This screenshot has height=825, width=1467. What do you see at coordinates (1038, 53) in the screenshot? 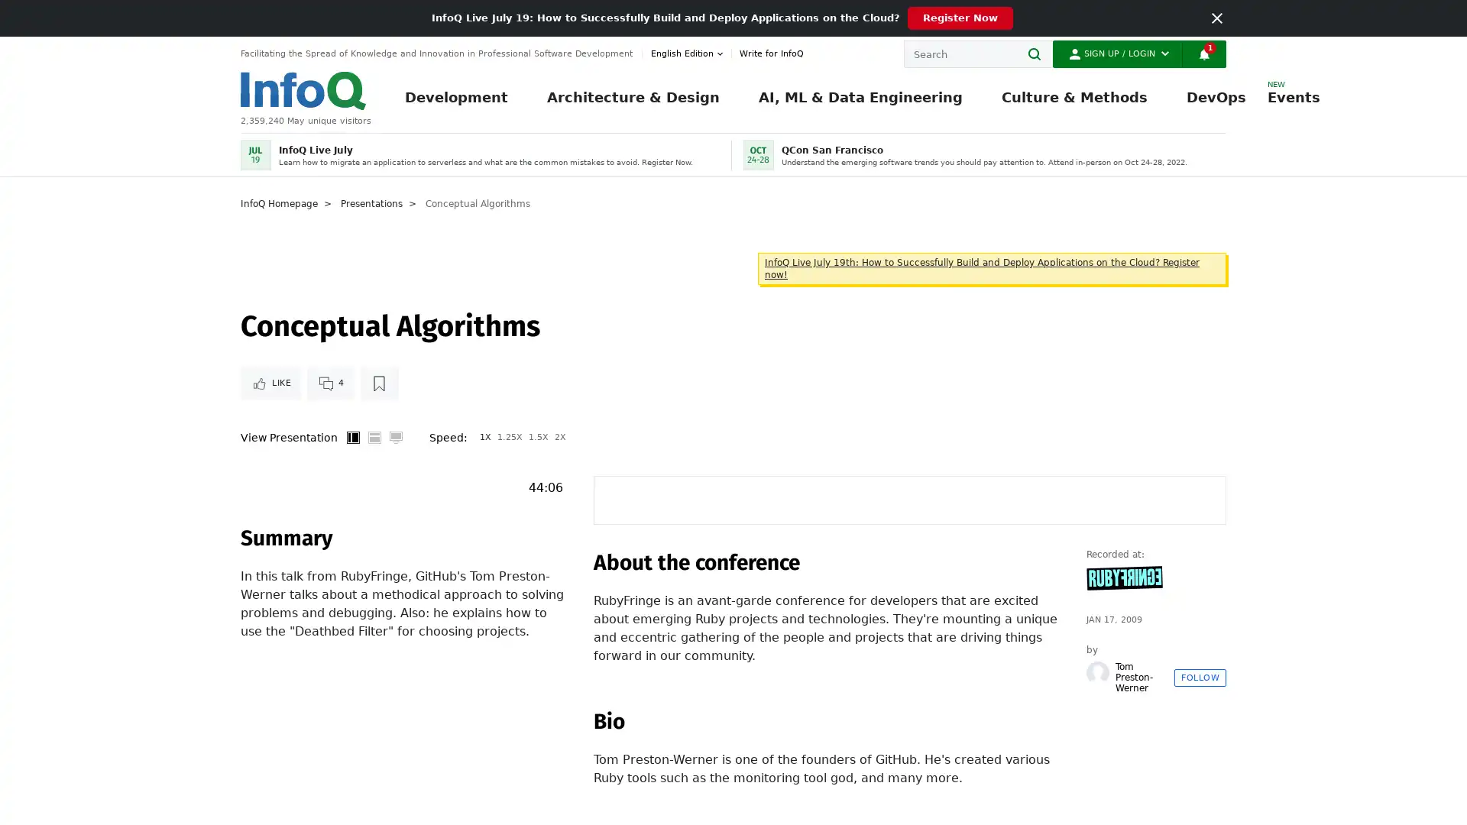
I see `Search` at bounding box center [1038, 53].